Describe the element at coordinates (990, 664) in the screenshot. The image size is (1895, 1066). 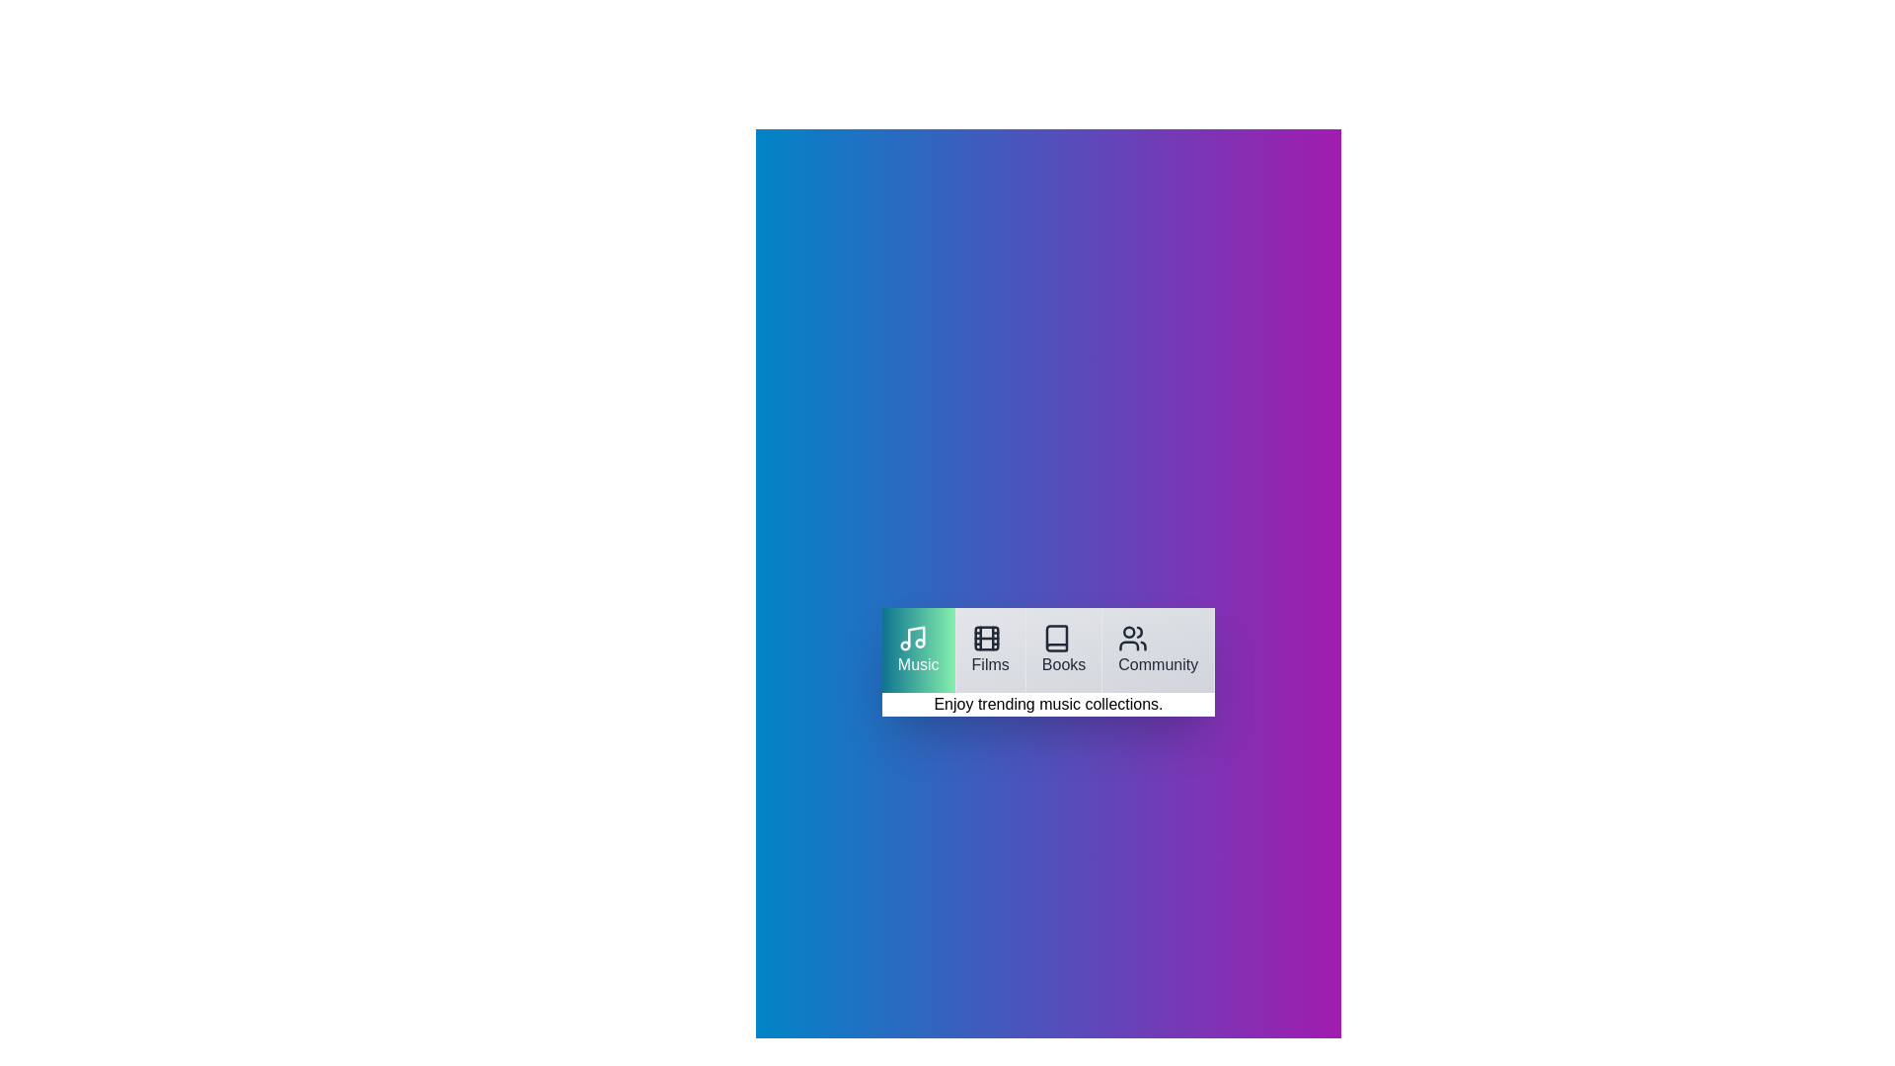
I see `the 'Films' navigation option in the horizontal navigation bar` at that location.